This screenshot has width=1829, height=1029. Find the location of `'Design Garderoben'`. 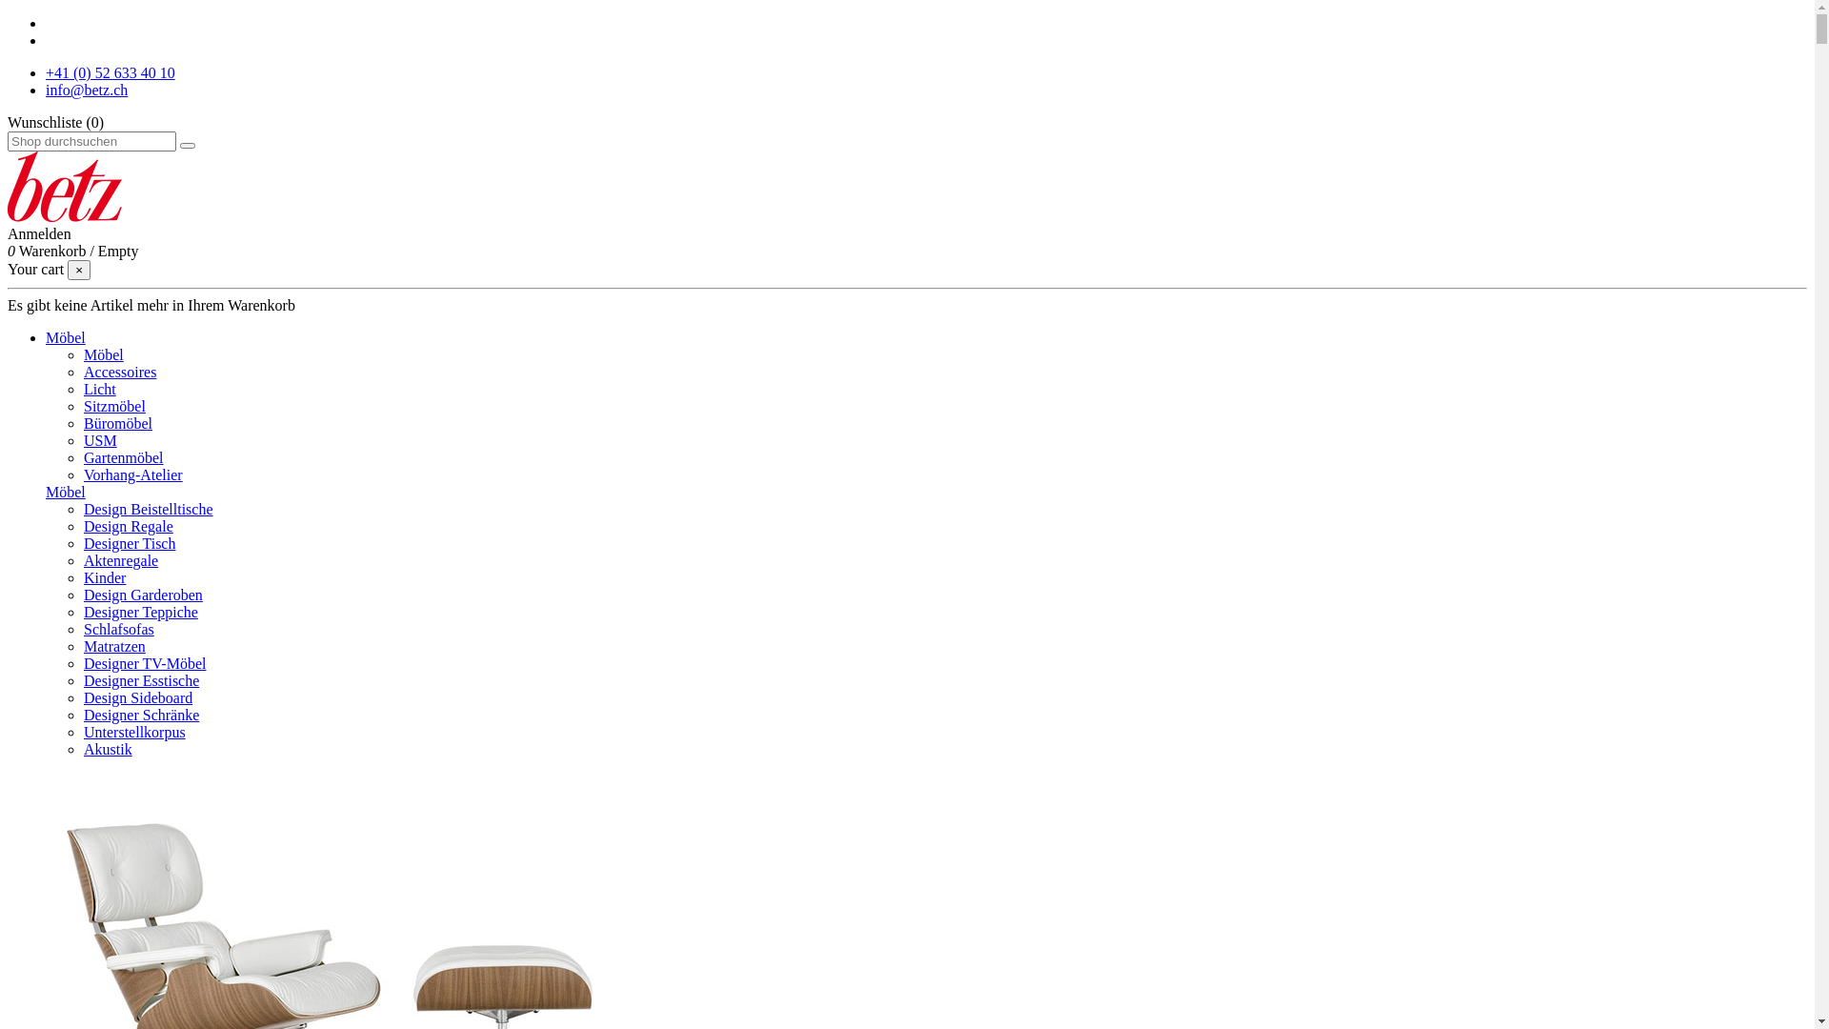

'Design Garderoben' is located at coordinates (142, 594).